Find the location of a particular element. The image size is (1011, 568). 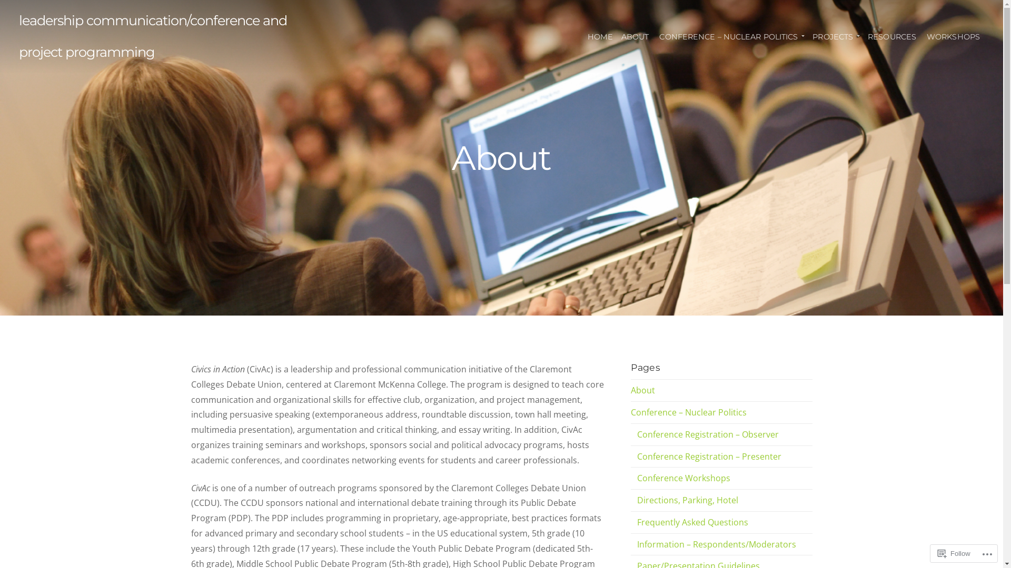

'ABOUT' is located at coordinates (617, 36).